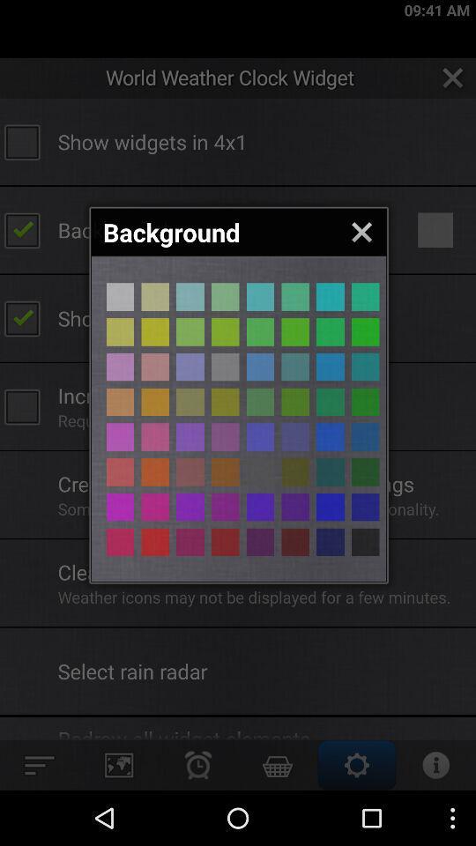  What do you see at coordinates (225, 330) in the screenshot?
I see `backround button` at bounding box center [225, 330].